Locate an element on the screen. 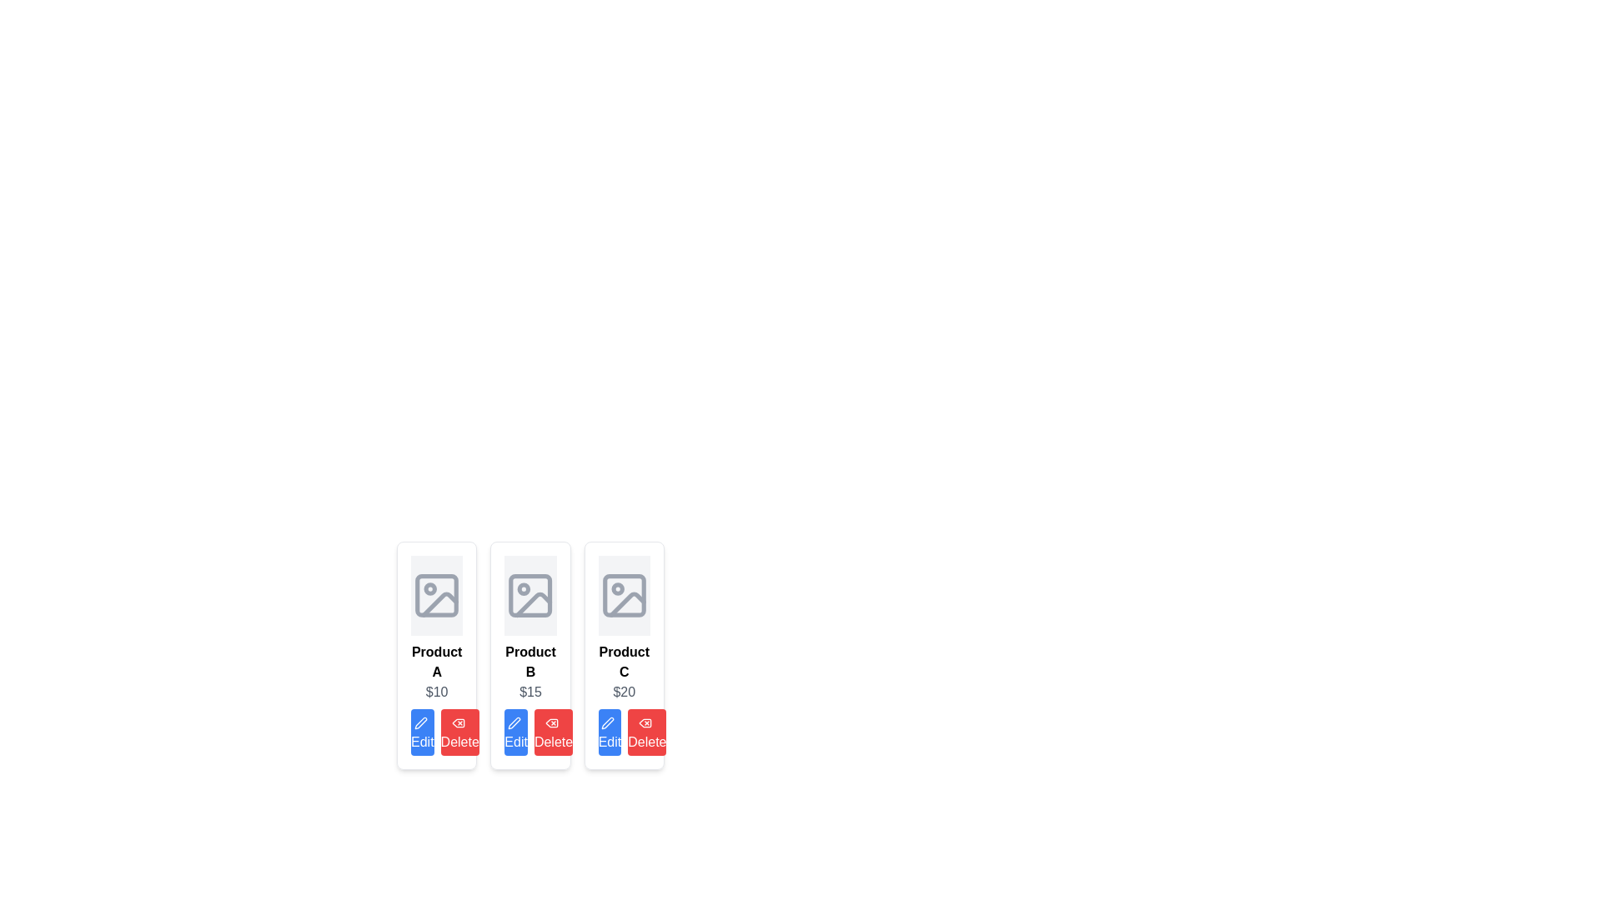 This screenshot has width=1601, height=900. the blue pen icon located at the bottom of the 'Product B' card is located at coordinates (514, 722).